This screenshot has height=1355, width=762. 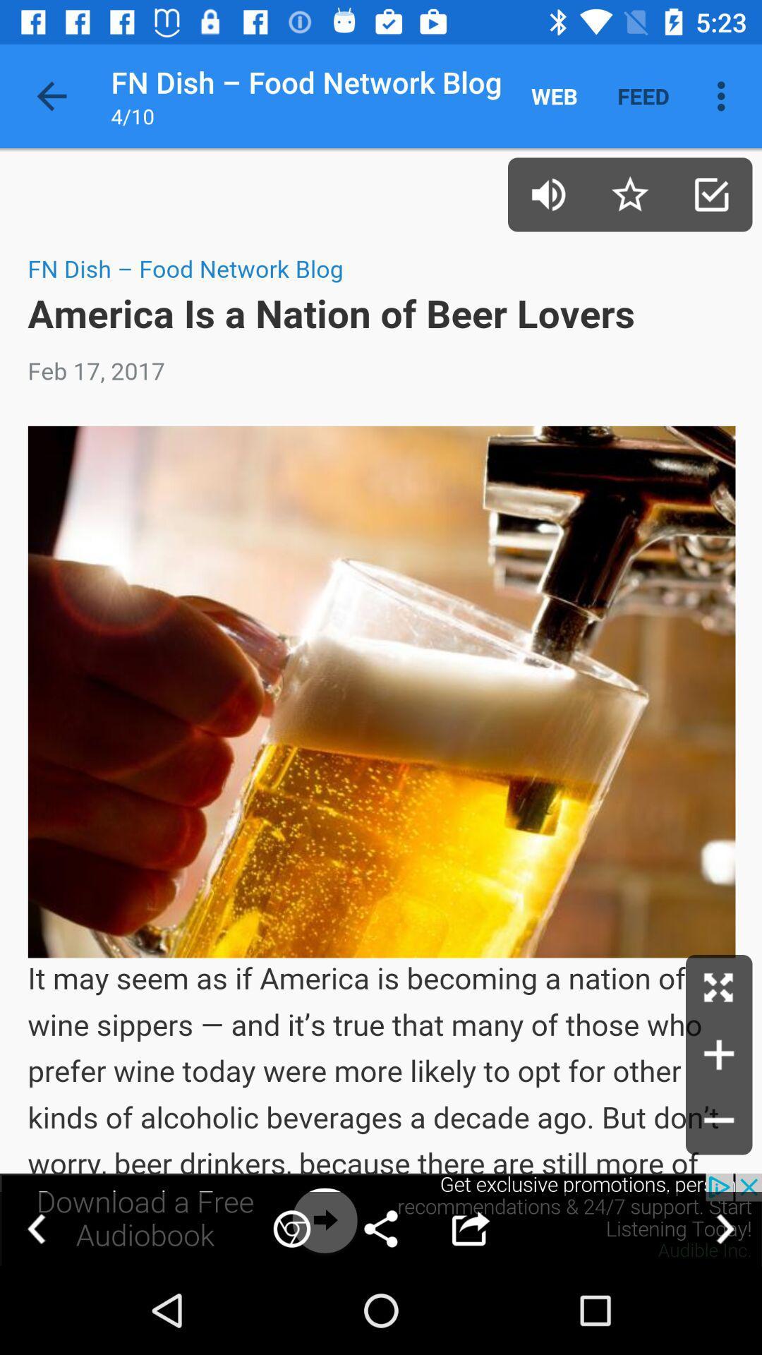 I want to click on turn on music, so click(x=548, y=193).